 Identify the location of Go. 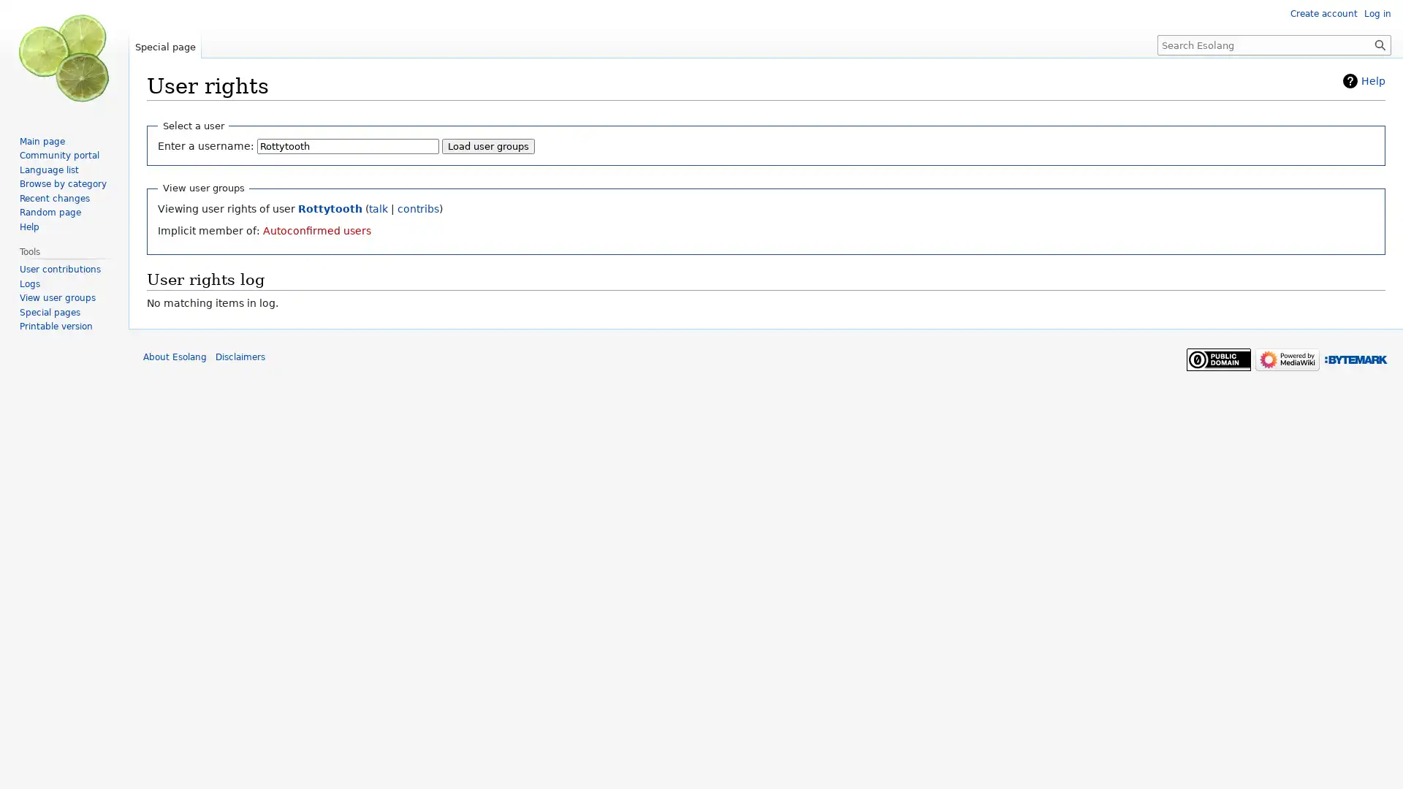
(1380, 44).